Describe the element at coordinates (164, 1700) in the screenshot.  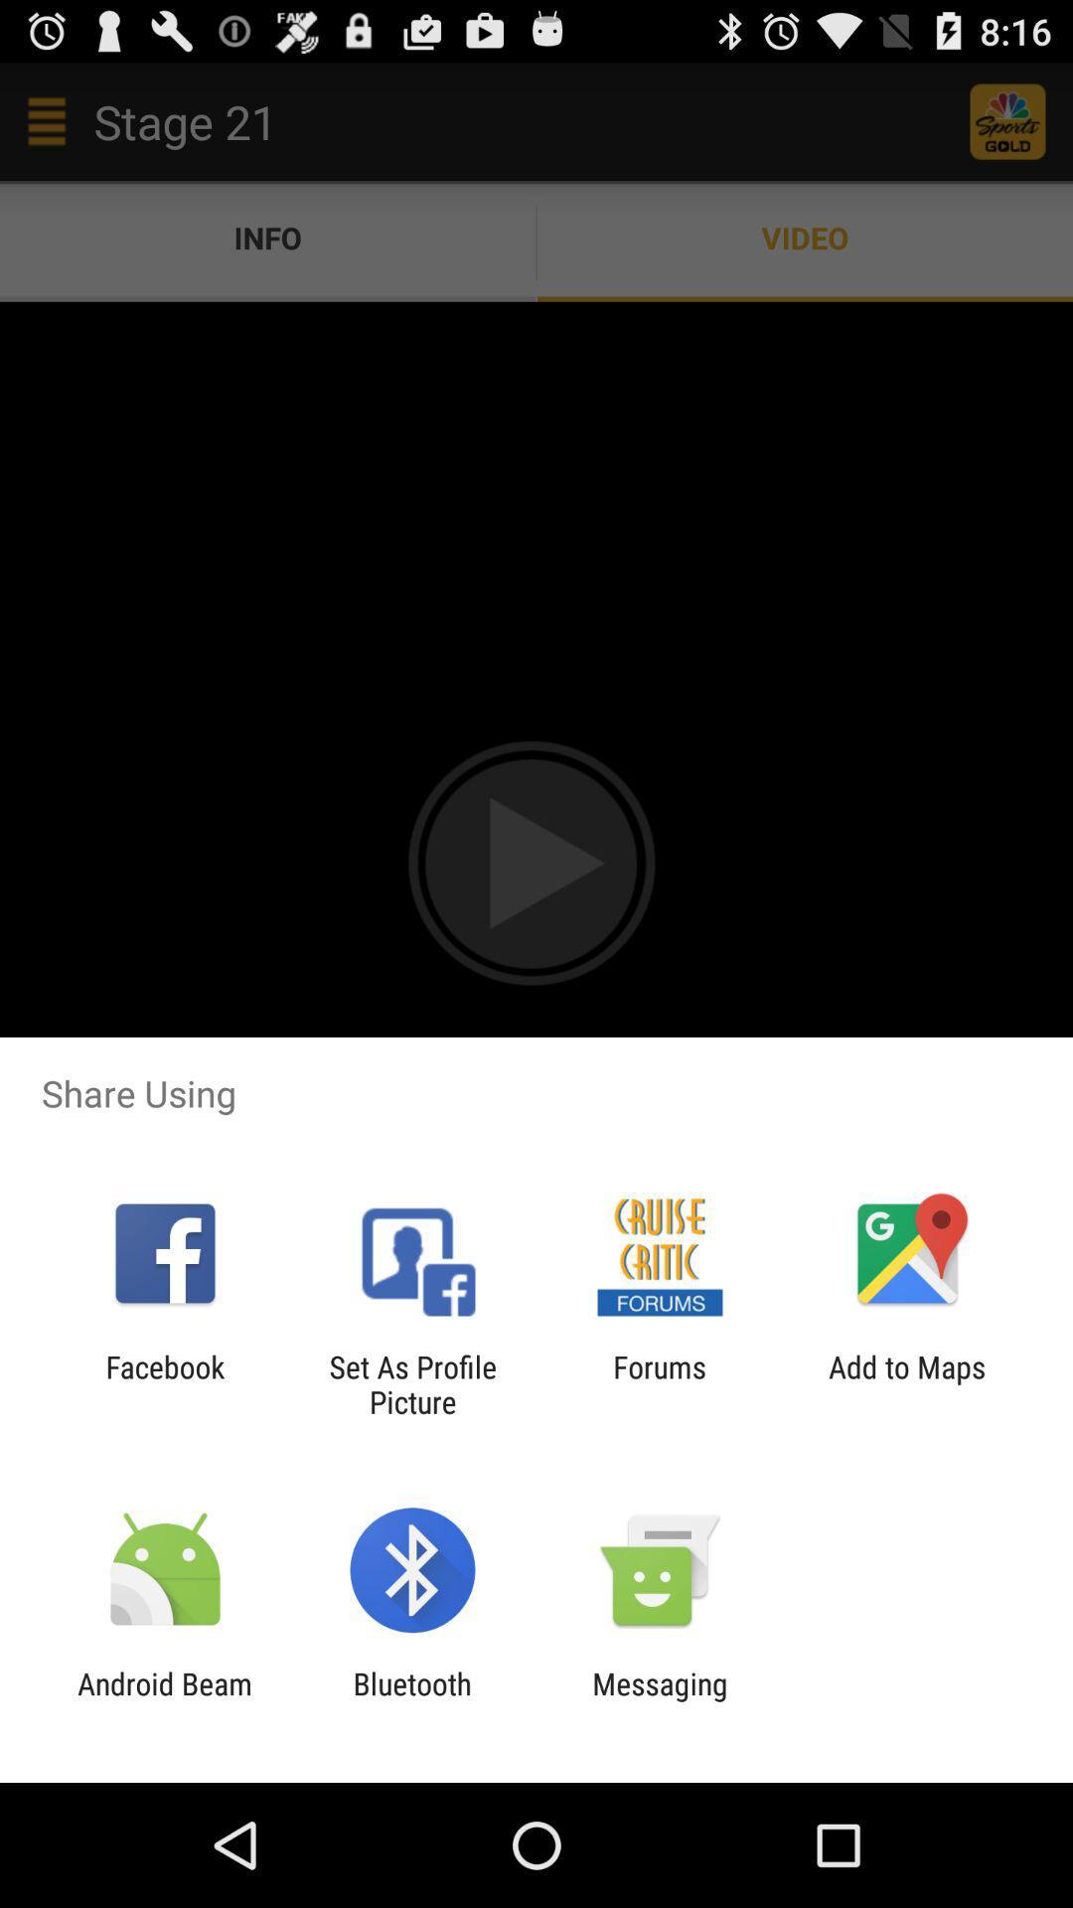
I see `android beam item` at that location.